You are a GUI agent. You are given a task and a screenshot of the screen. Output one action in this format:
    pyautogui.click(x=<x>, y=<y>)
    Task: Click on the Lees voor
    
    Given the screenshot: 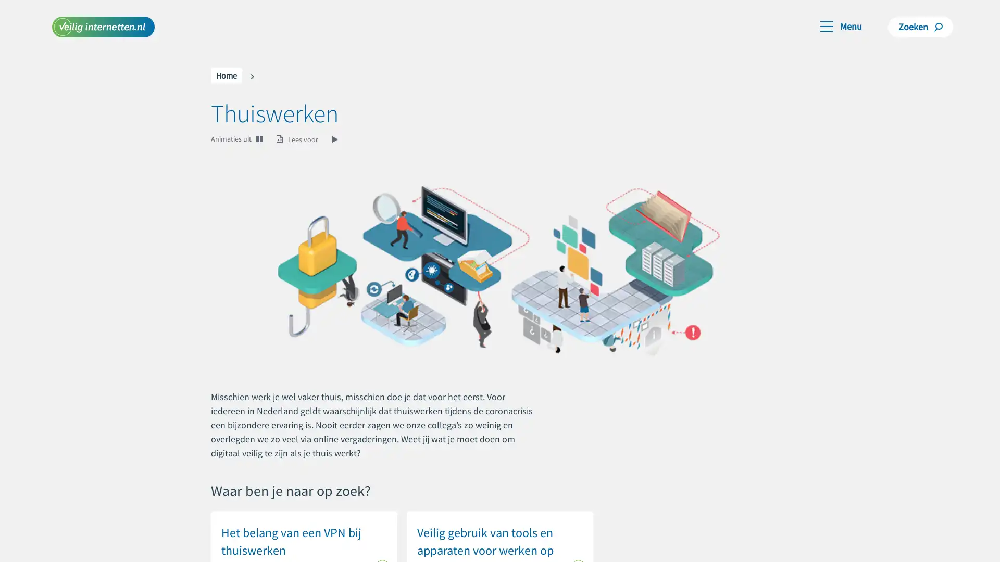 What is the action you would take?
    pyautogui.click(x=308, y=138)
    